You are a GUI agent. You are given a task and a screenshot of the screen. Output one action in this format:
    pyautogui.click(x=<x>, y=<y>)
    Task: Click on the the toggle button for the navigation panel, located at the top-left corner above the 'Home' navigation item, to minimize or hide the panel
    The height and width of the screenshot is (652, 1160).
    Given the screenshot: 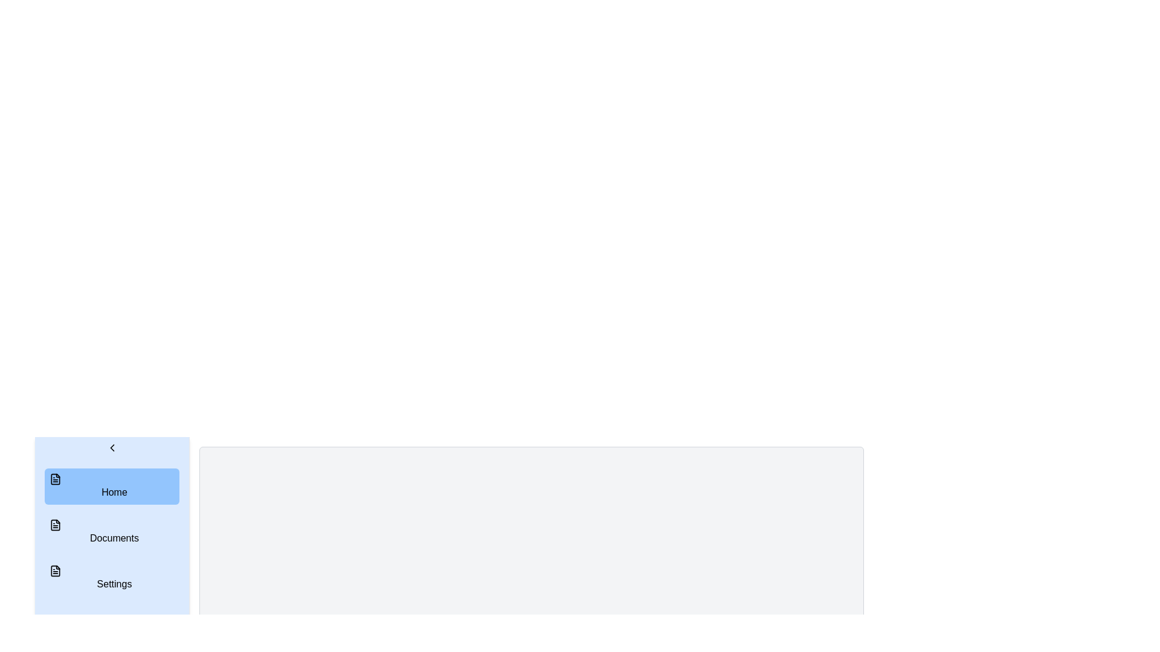 What is the action you would take?
    pyautogui.click(x=112, y=447)
    